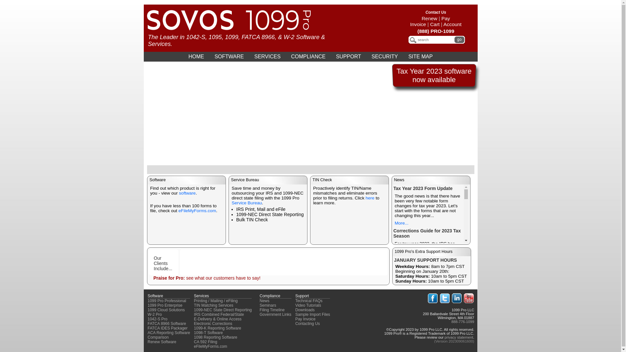 The image size is (626, 352). I want to click on '1098 Reporting Software', so click(216, 337).